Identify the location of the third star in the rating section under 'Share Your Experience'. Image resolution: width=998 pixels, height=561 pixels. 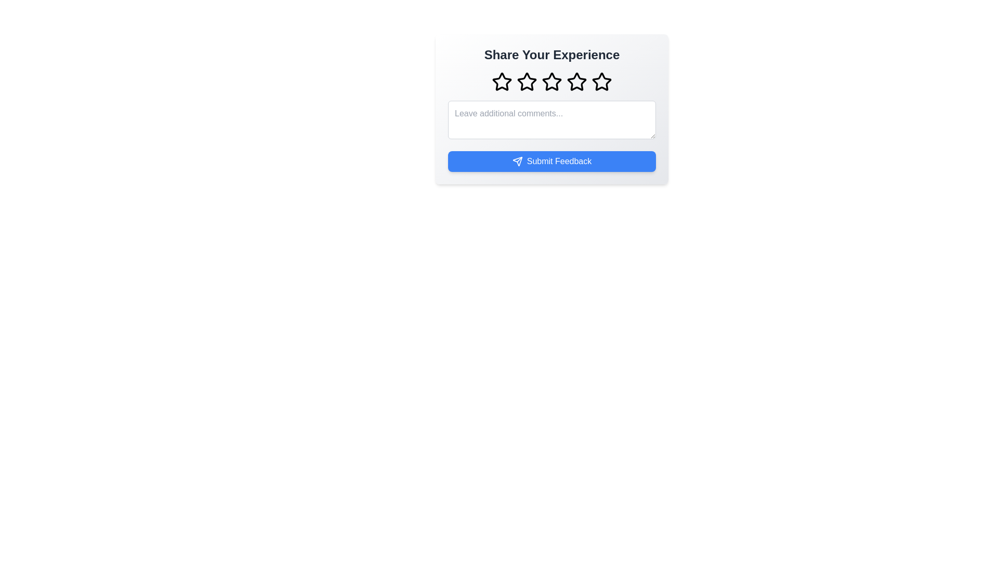
(551, 82).